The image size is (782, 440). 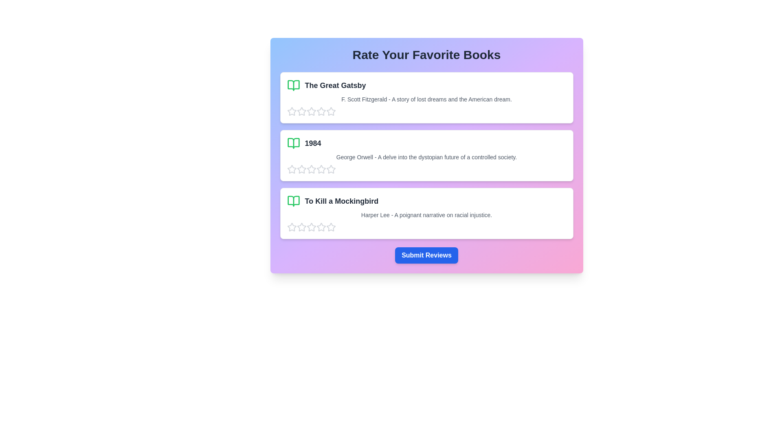 What do you see at coordinates (311, 227) in the screenshot?
I see `the star corresponding to 3 for the book titled To Kill a Mockingbird` at bounding box center [311, 227].